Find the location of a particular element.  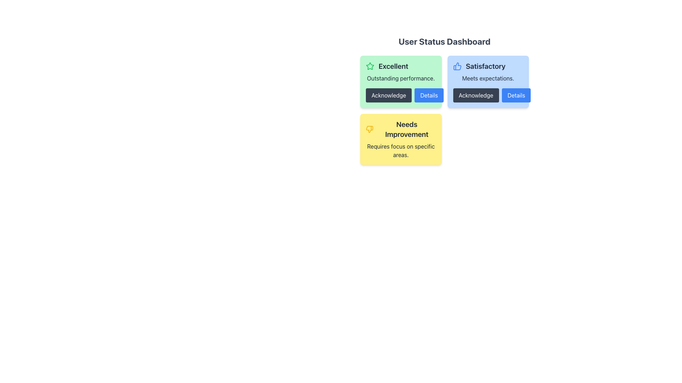

the 'Acknowledge' button, a rectangular button with a dark gray background and white text, located in the 'Satisfactory' section of the UI is located at coordinates (476, 95).